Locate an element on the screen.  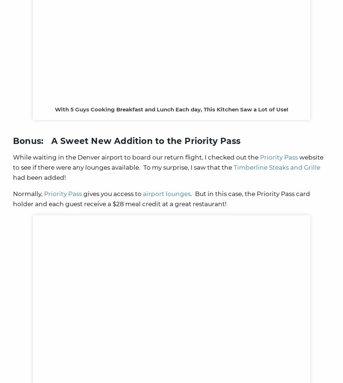
'Timberline Steaks and Grille' is located at coordinates (277, 167).